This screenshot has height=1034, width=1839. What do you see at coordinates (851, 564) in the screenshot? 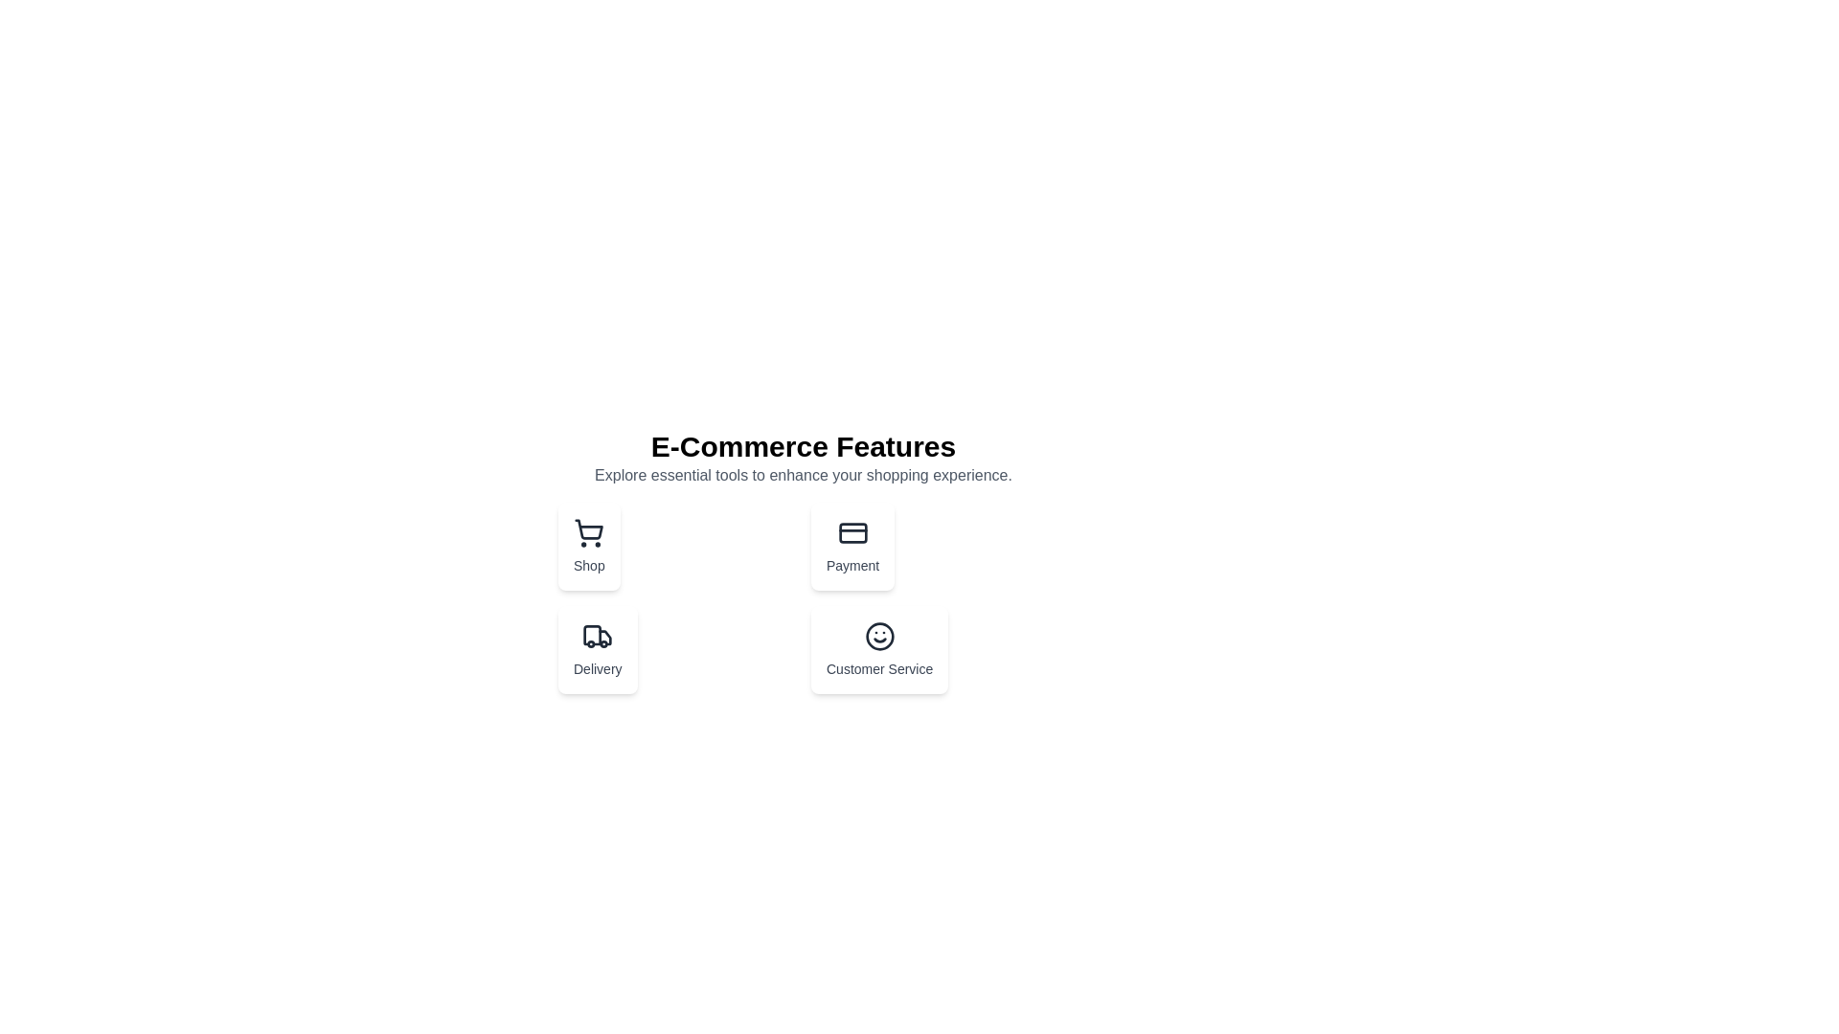
I see `the Text Label indicating the functionality of the 'Payment' feature, located below the credit card icon in the top-right quadrant of the interface` at bounding box center [851, 564].